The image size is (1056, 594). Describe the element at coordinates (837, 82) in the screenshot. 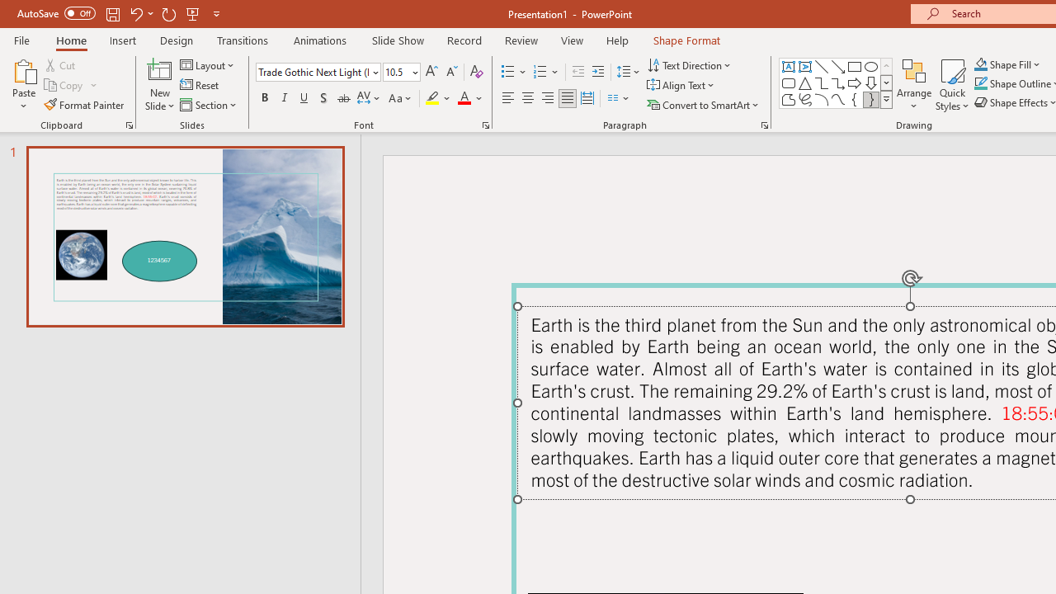

I see `'AutomationID: ShapesInsertGallery'` at that location.